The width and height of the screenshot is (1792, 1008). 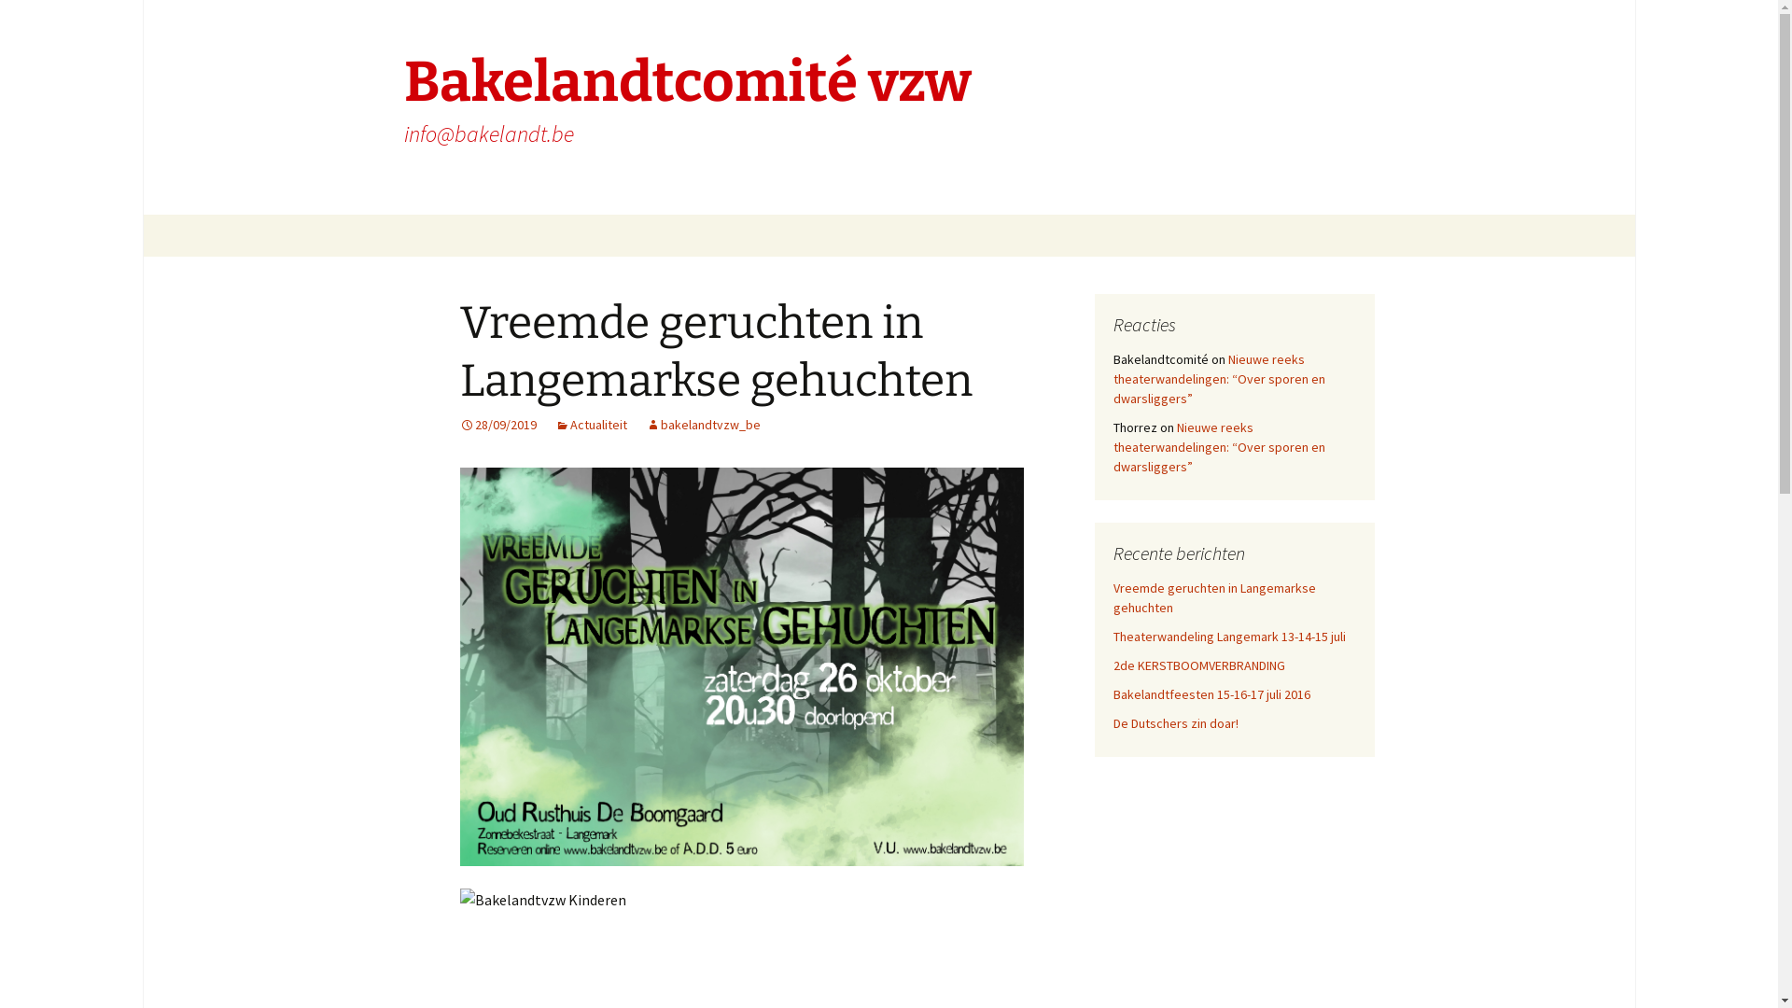 I want to click on 'Search', so click(x=22, y=21).